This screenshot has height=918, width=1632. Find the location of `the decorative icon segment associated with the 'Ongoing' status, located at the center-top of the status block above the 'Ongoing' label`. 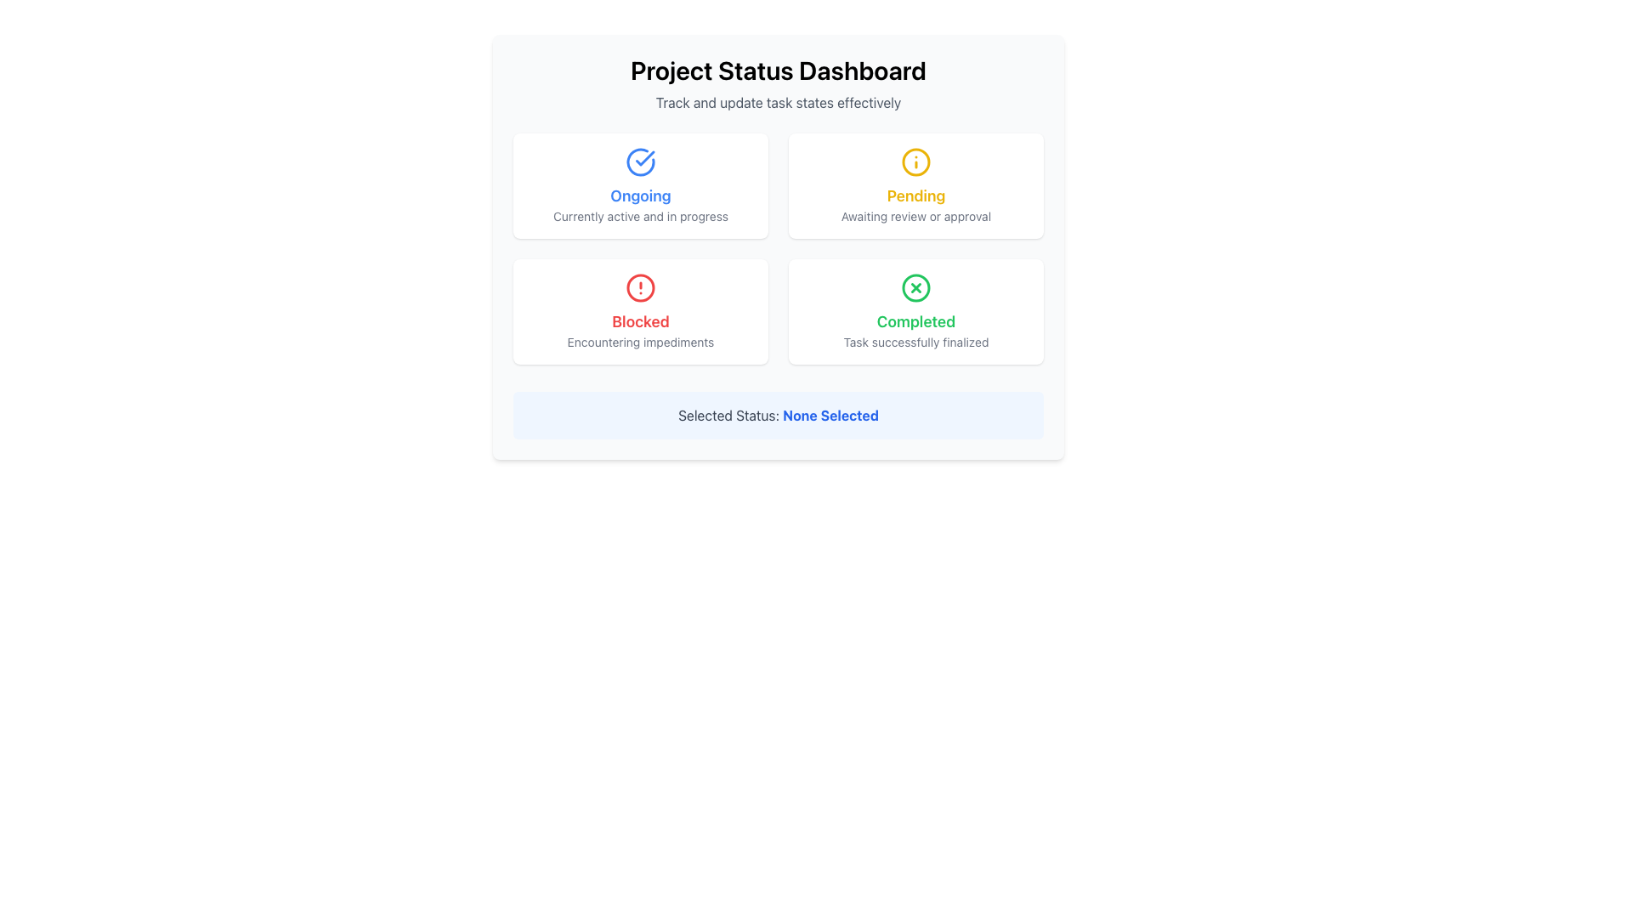

the decorative icon segment associated with the 'Ongoing' status, located at the center-top of the status block above the 'Ongoing' label is located at coordinates (639, 161).